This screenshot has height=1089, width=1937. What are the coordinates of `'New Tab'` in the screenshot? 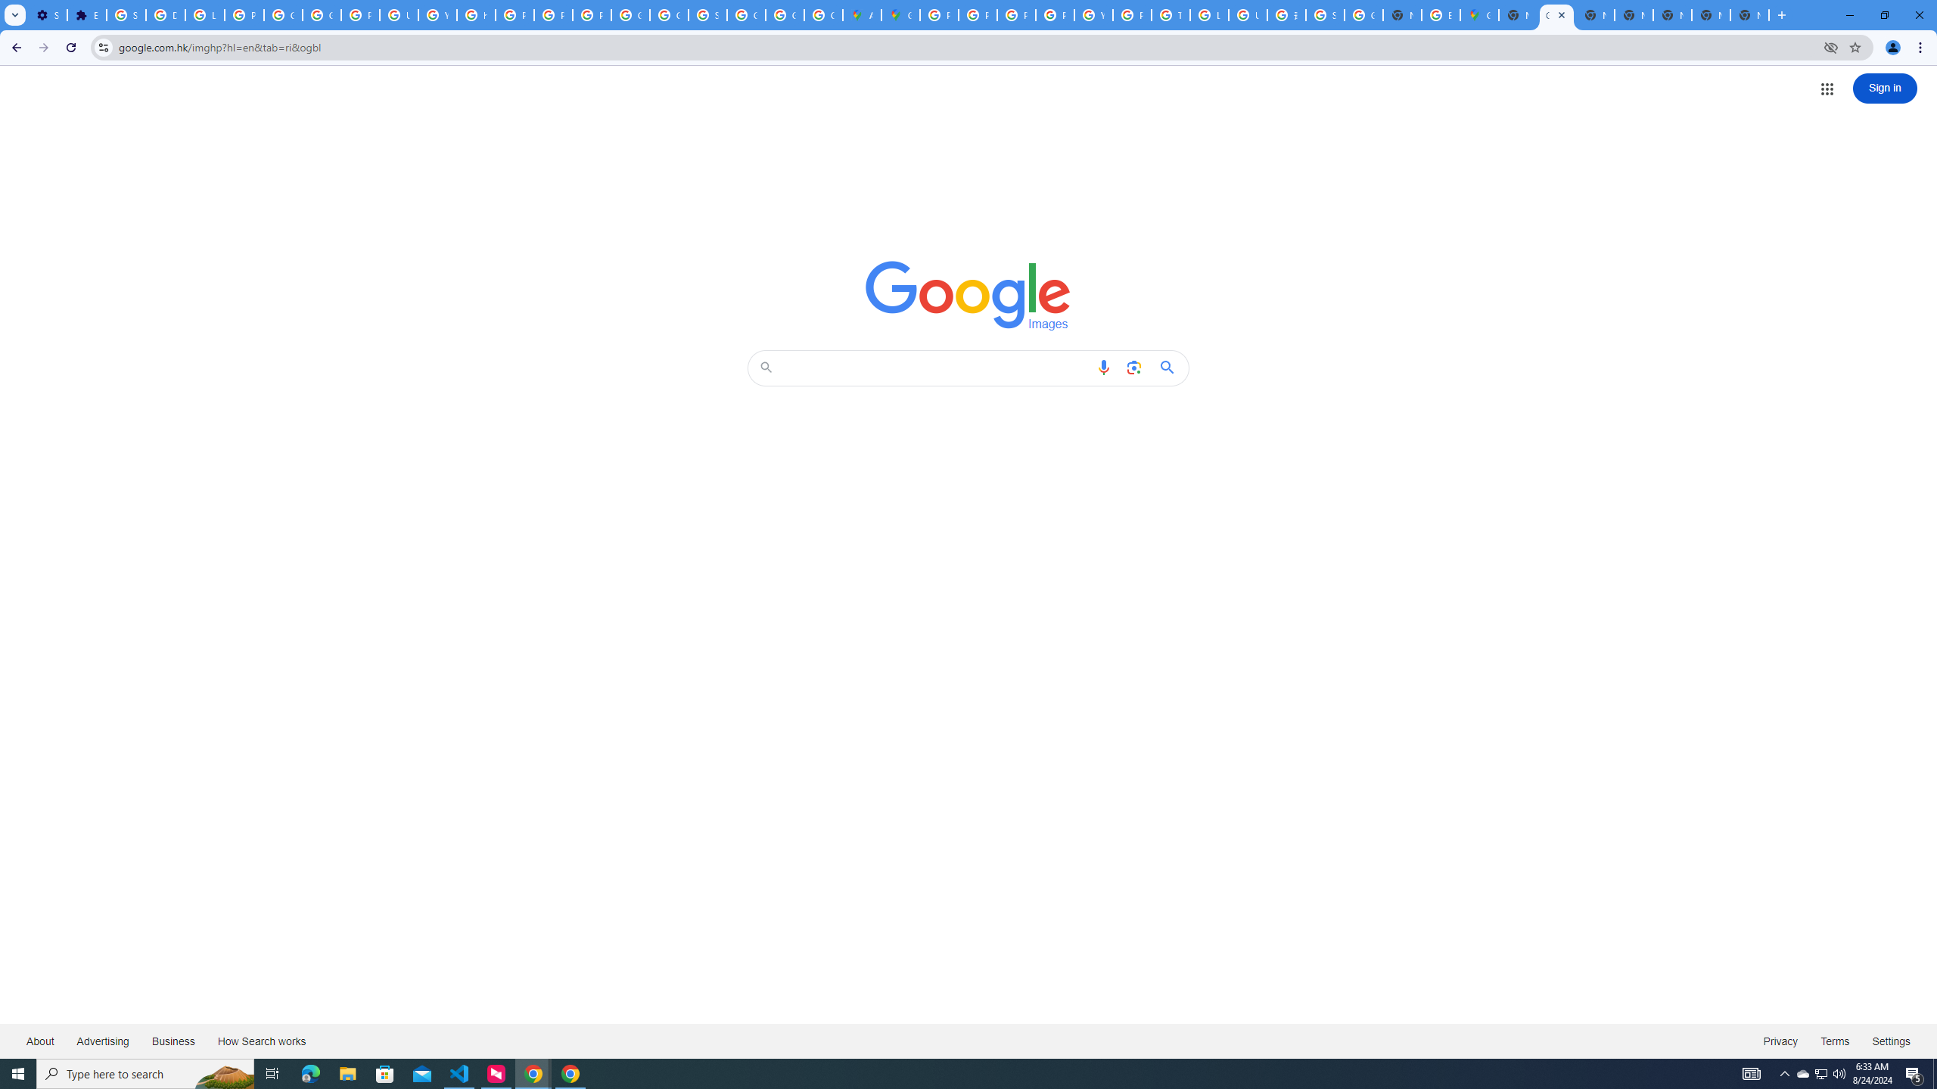 It's located at (1749, 14).